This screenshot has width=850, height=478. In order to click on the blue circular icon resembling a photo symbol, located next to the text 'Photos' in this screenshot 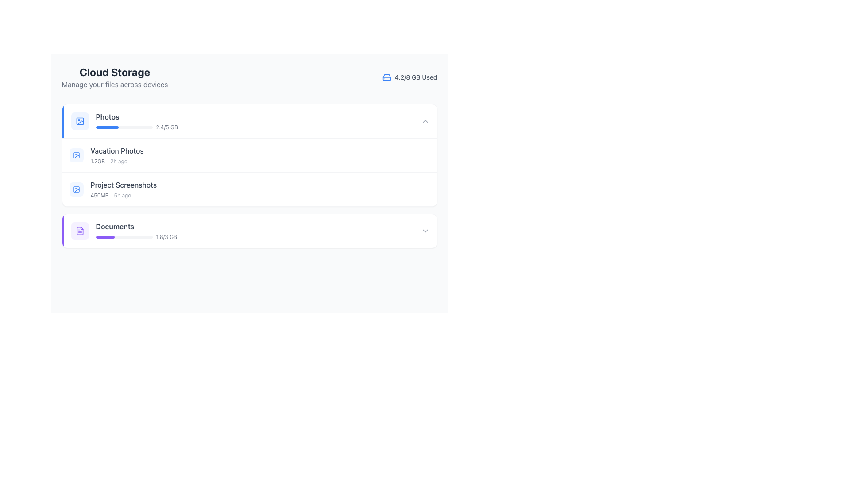, I will do `click(80, 121)`.